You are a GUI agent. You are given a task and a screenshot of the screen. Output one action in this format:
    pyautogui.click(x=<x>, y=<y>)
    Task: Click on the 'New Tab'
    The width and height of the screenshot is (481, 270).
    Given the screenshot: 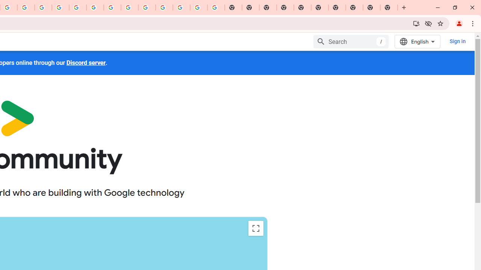 What is the action you would take?
    pyautogui.click(x=389, y=7)
    